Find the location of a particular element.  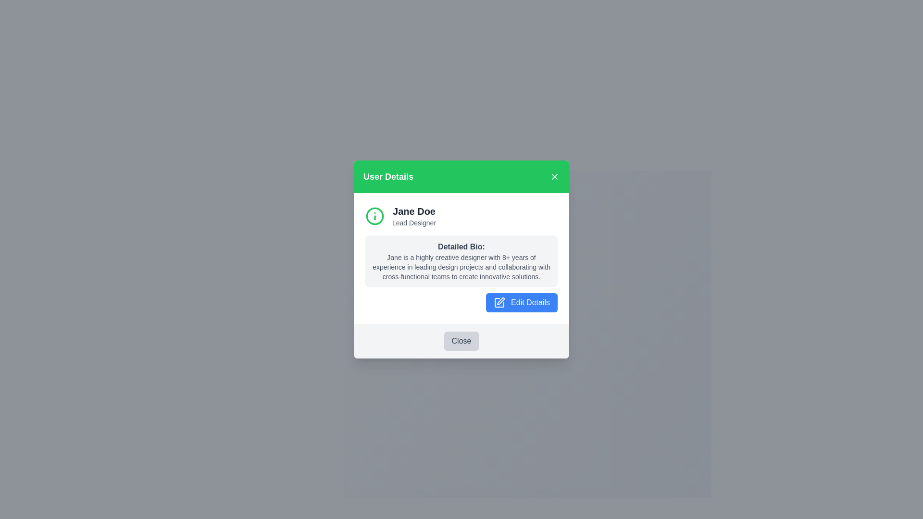

the 'Edit Details' button with a blue background and rounded corners located in the 'User Details' dialog box is located at coordinates (521, 302).